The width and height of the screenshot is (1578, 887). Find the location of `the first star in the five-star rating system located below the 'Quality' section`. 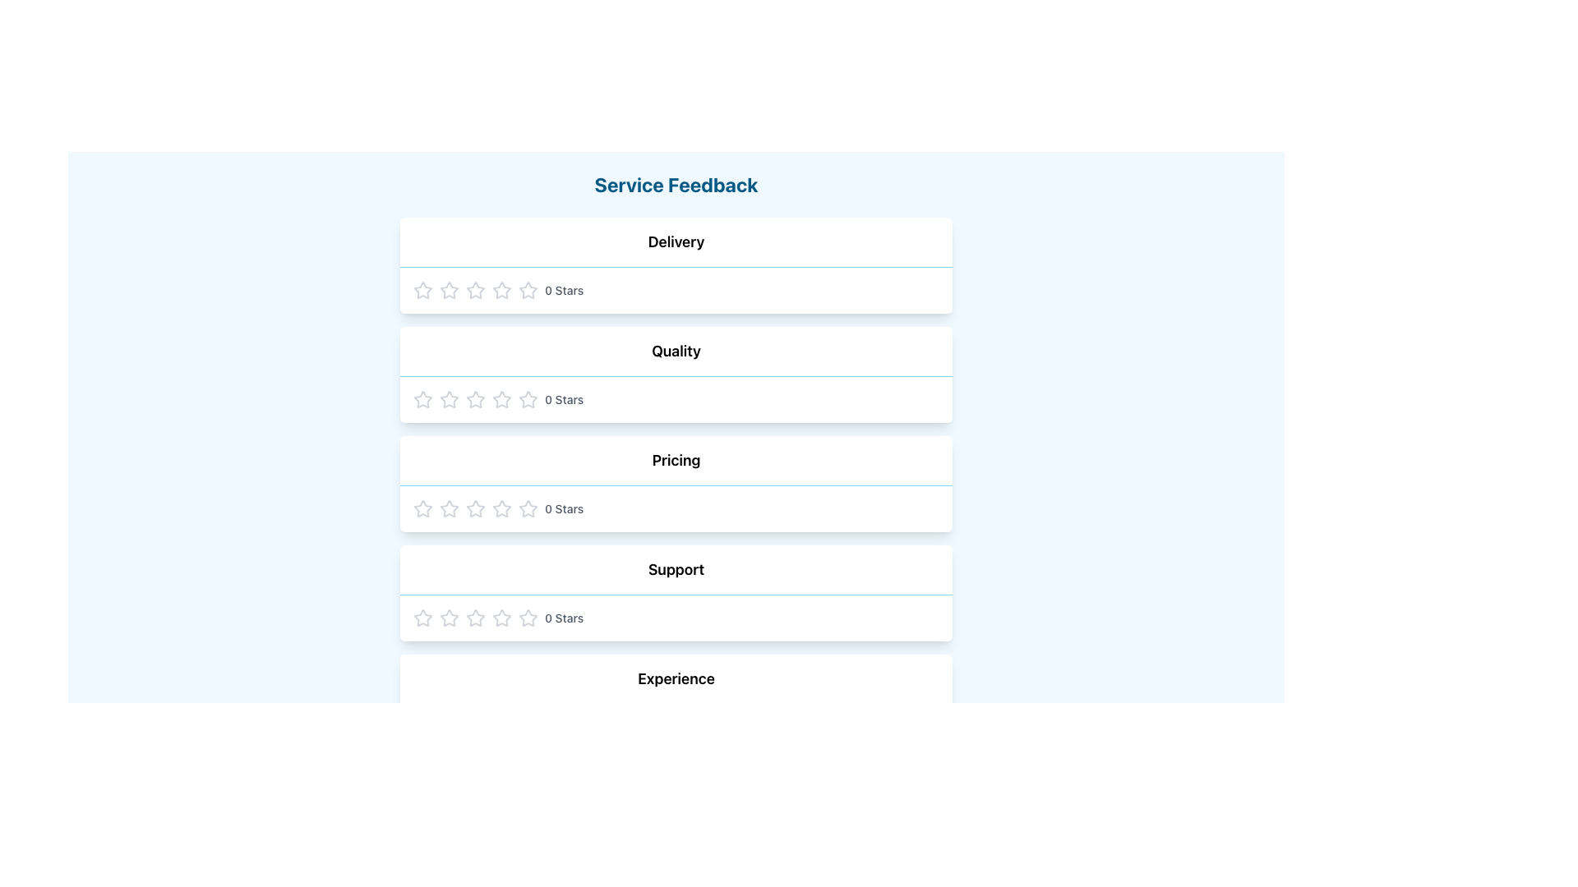

the first star in the five-star rating system located below the 'Quality' section is located at coordinates (422, 399).